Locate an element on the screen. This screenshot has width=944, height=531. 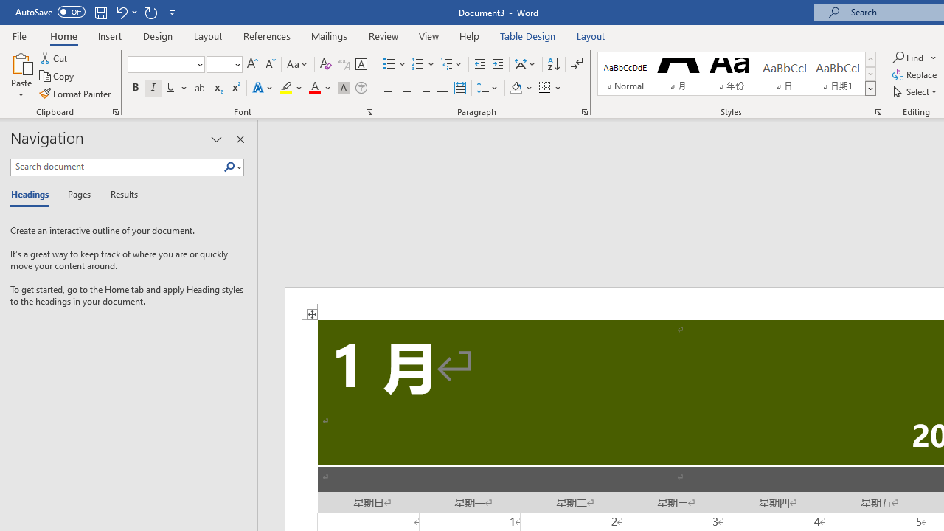
'Shrink Font' is located at coordinates (270, 63).